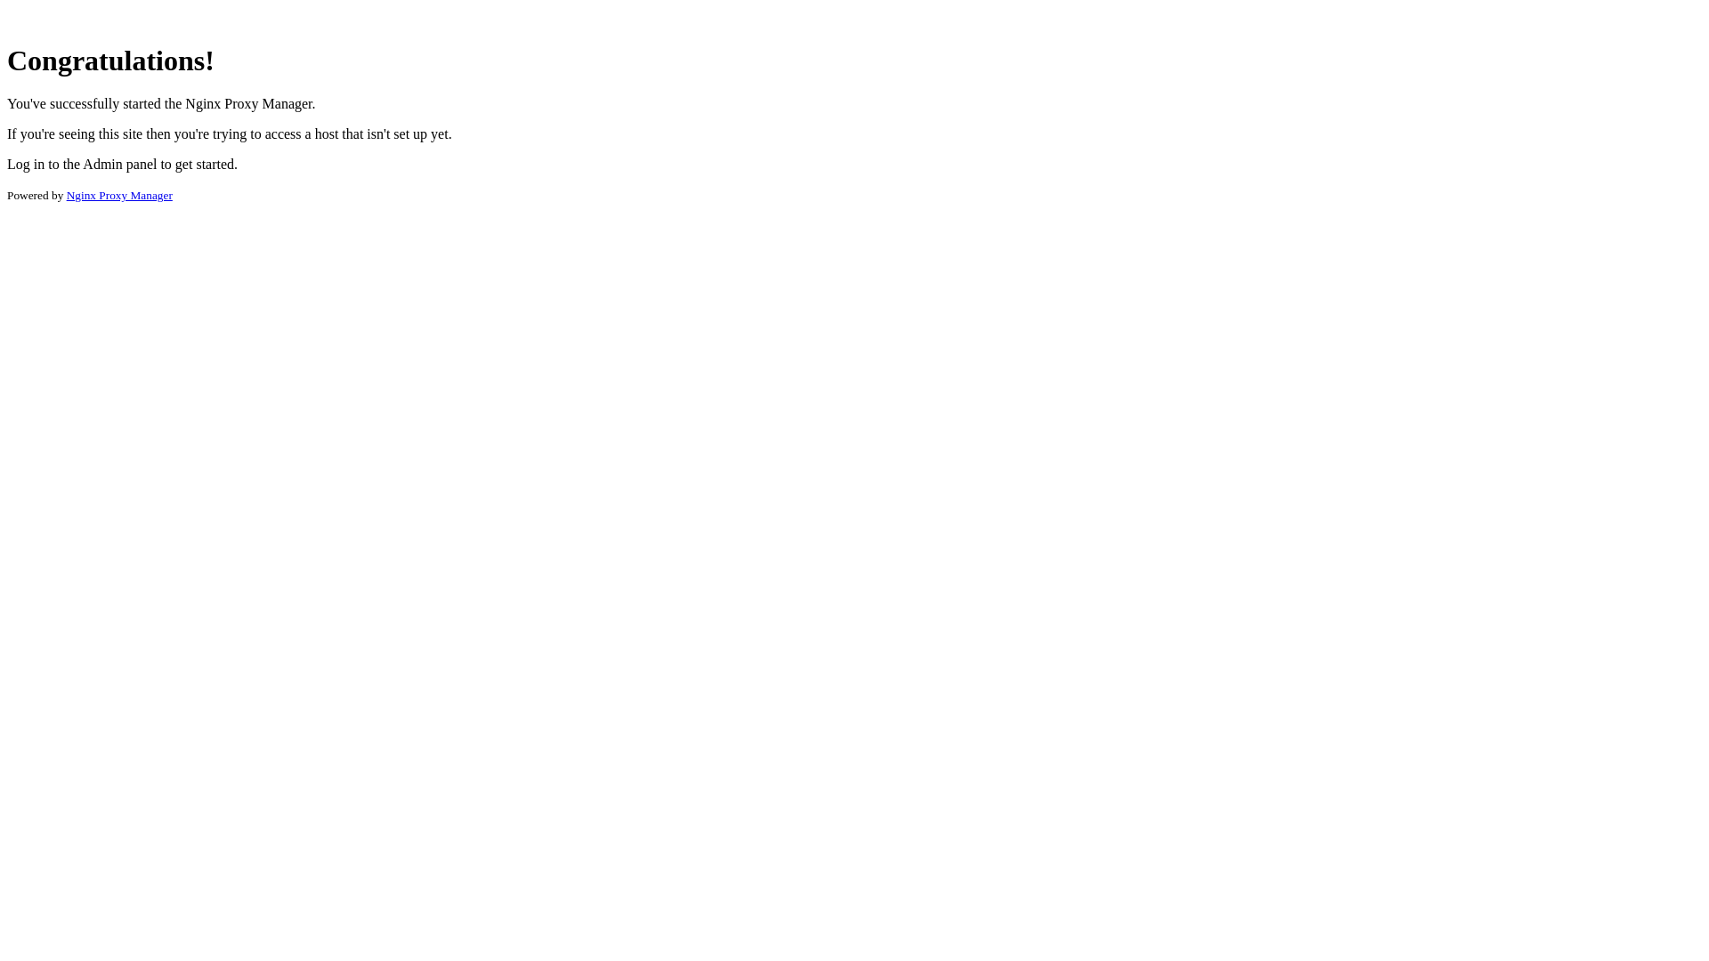 The height and width of the screenshot is (961, 1709). I want to click on 'Nginx Proxy Manager', so click(67, 195).